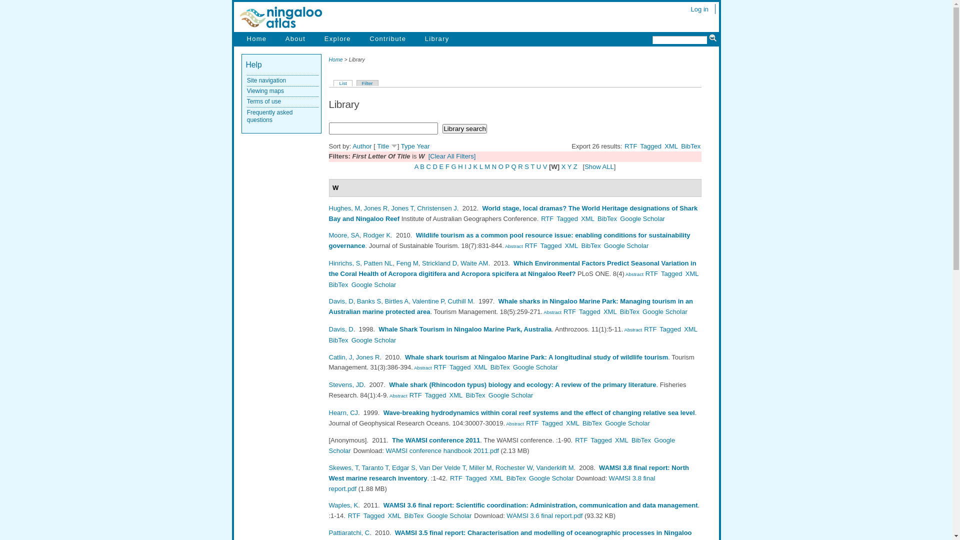 This screenshot has width=960, height=540. What do you see at coordinates (265, 90) in the screenshot?
I see `'Viewing maps'` at bounding box center [265, 90].